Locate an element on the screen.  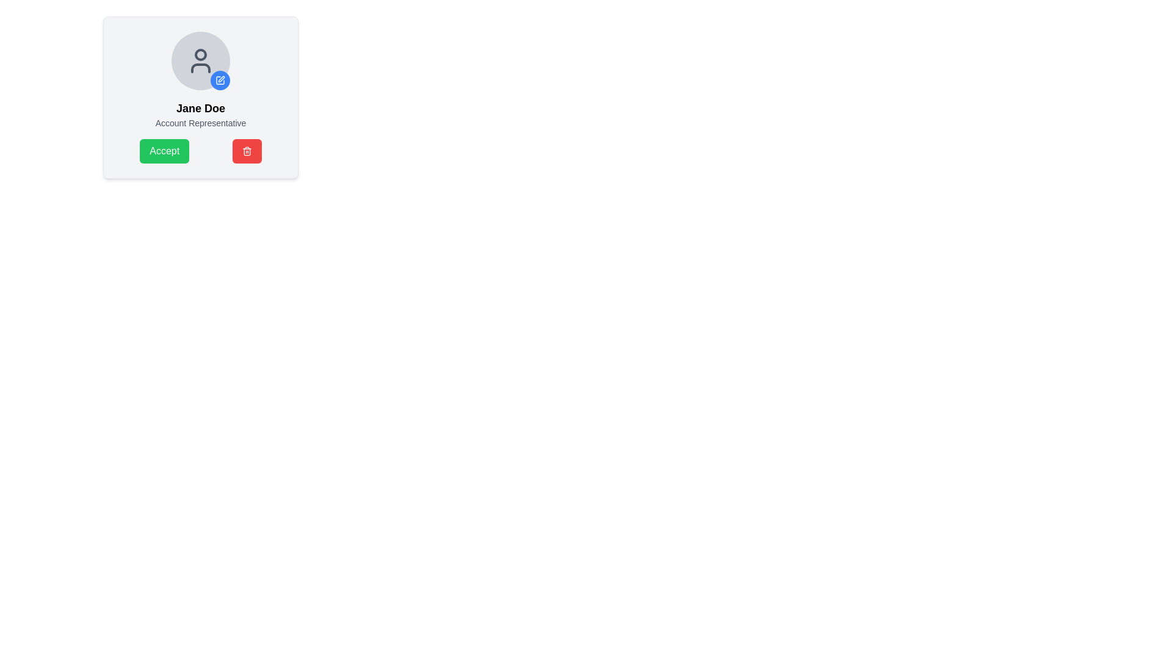
the lower part of the silhouette figure icon, which is outlined and styled in 'text-gray-600' and positioned at the top-center of the card is located at coordinates (201, 68).